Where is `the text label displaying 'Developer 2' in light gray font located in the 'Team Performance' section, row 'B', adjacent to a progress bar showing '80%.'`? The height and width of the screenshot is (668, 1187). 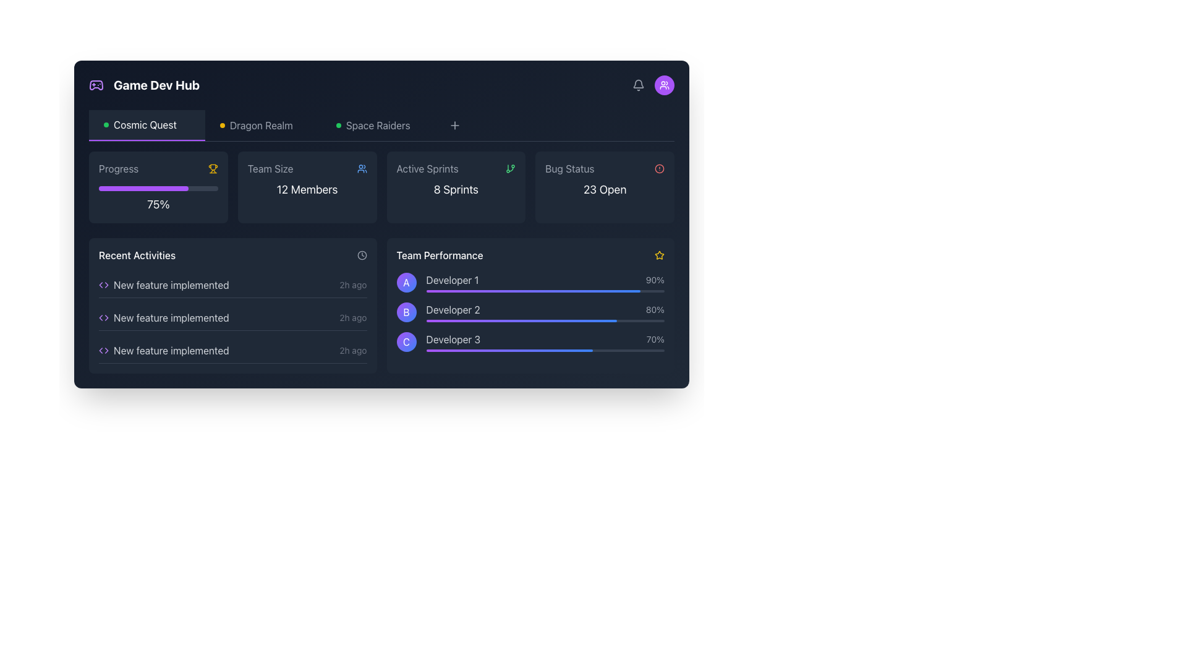 the text label displaying 'Developer 2' in light gray font located in the 'Team Performance' section, row 'B', adjacent to a progress bar showing '80%.' is located at coordinates (453, 309).